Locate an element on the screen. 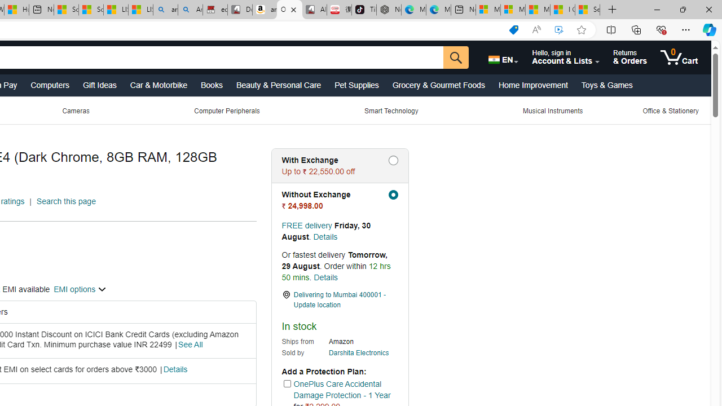  'Toys & Games' is located at coordinates (606, 84).